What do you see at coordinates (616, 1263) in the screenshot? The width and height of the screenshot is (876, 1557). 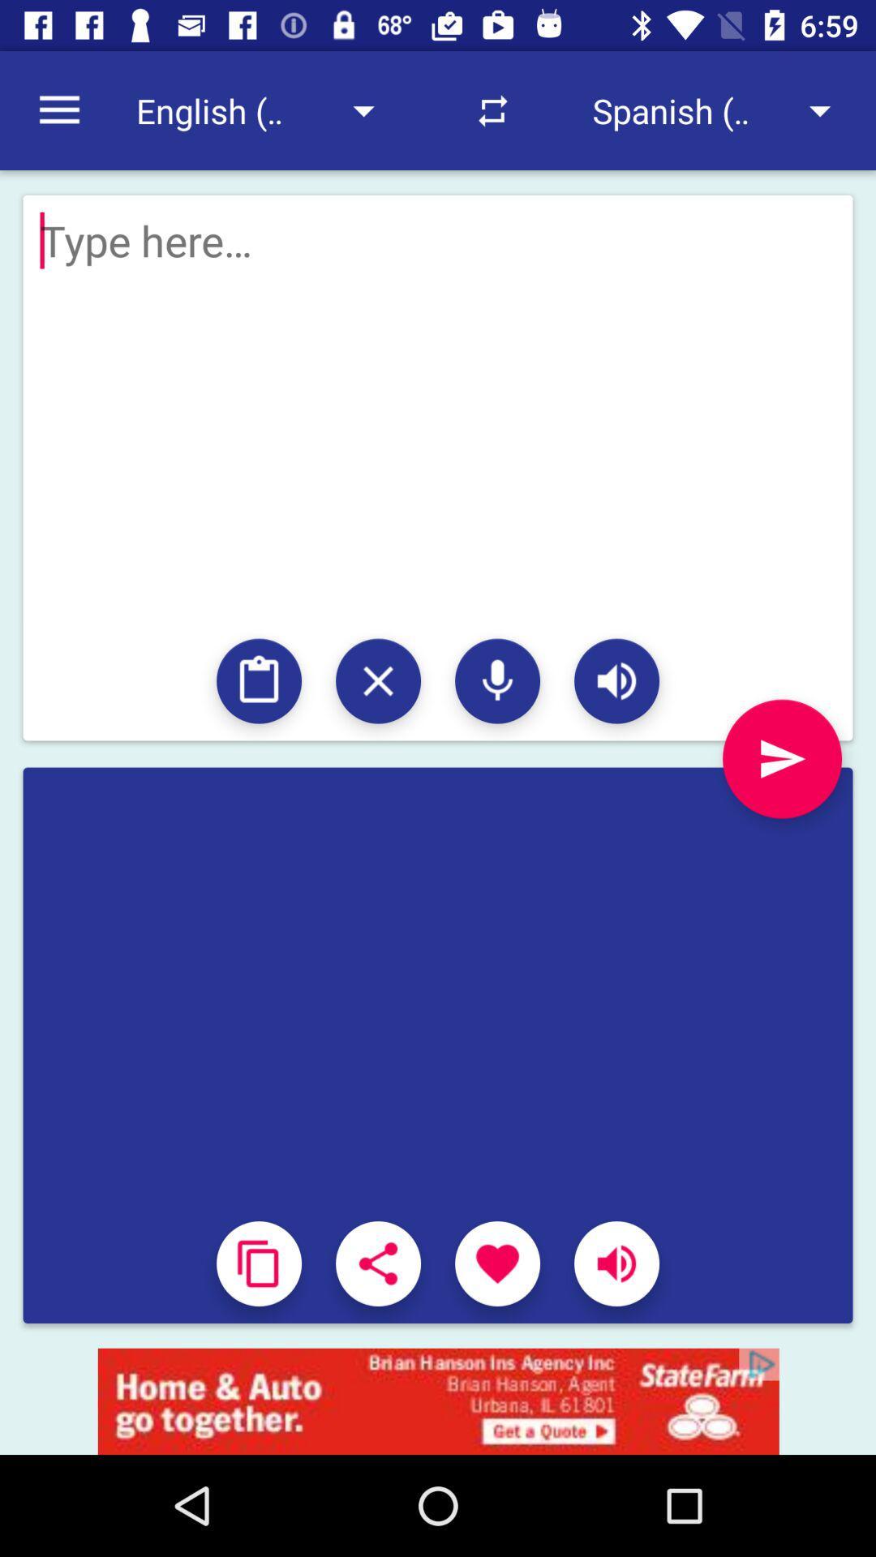 I see `adjust the volume` at bounding box center [616, 1263].